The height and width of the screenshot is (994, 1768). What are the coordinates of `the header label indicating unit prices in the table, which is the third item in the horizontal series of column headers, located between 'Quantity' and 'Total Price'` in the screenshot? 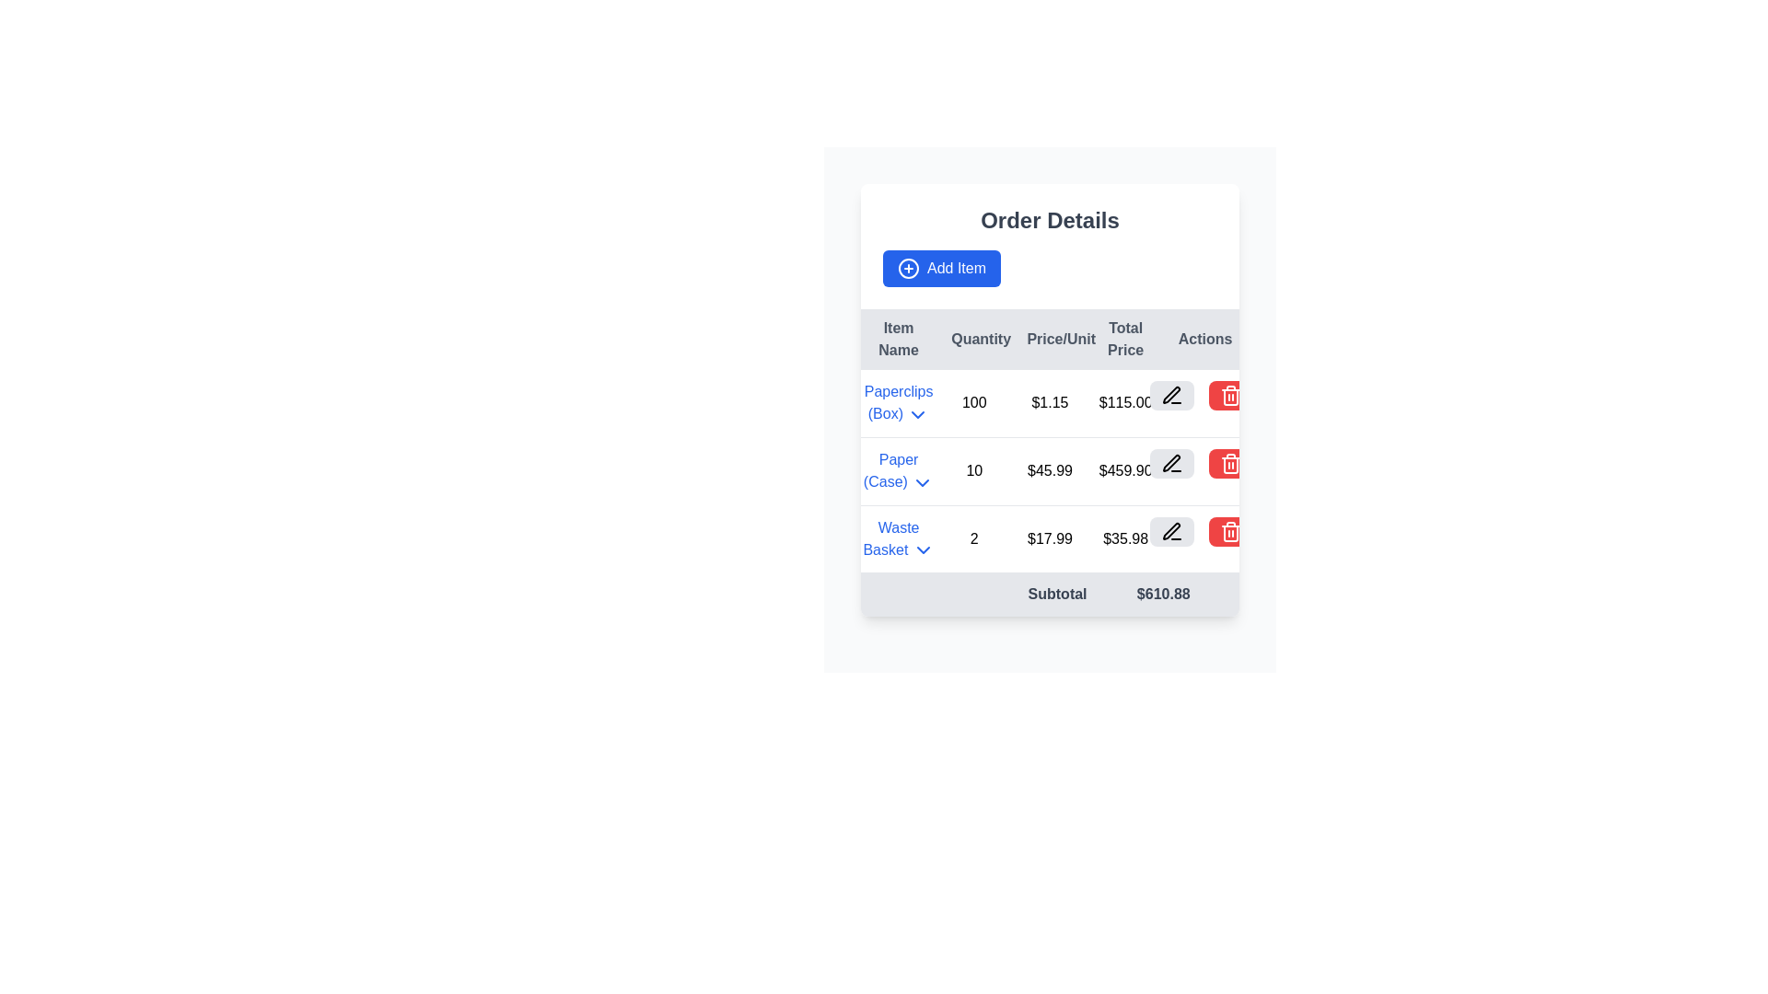 It's located at (1050, 340).